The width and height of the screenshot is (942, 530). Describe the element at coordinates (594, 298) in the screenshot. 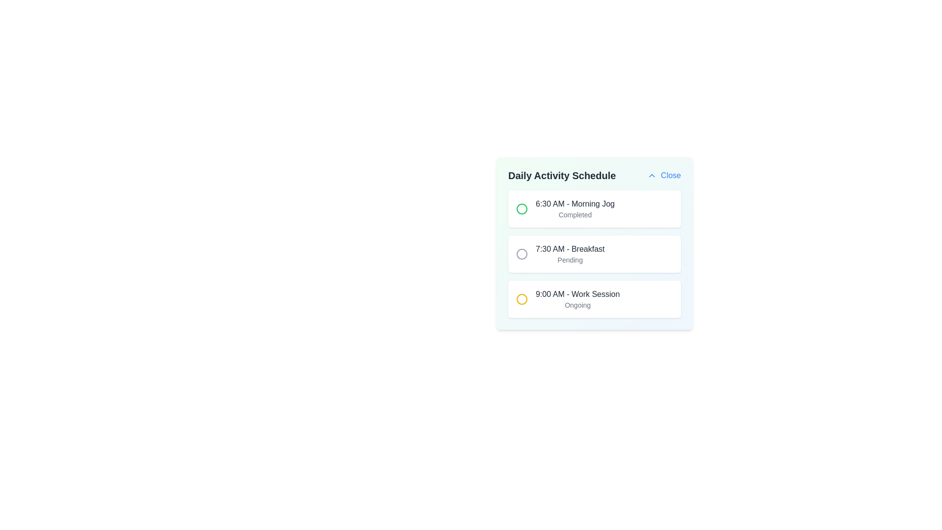

I see `information displayed in the 'Work Session' list item at 9:00 AM, which is the third item in the 'Daily Activity Schedule' section` at that location.